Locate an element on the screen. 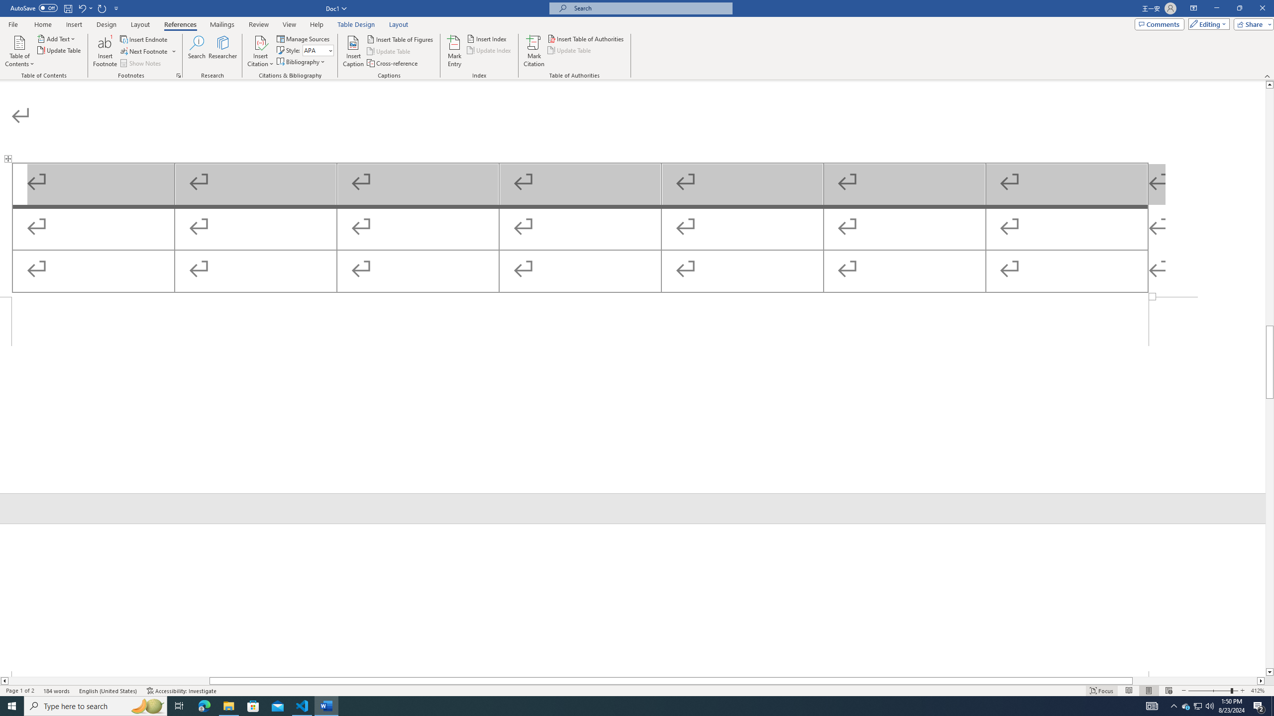 The width and height of the screenshot is (1274, 716). 'Class: NetUIScrollBar' is located at coordinates (1270, 378).